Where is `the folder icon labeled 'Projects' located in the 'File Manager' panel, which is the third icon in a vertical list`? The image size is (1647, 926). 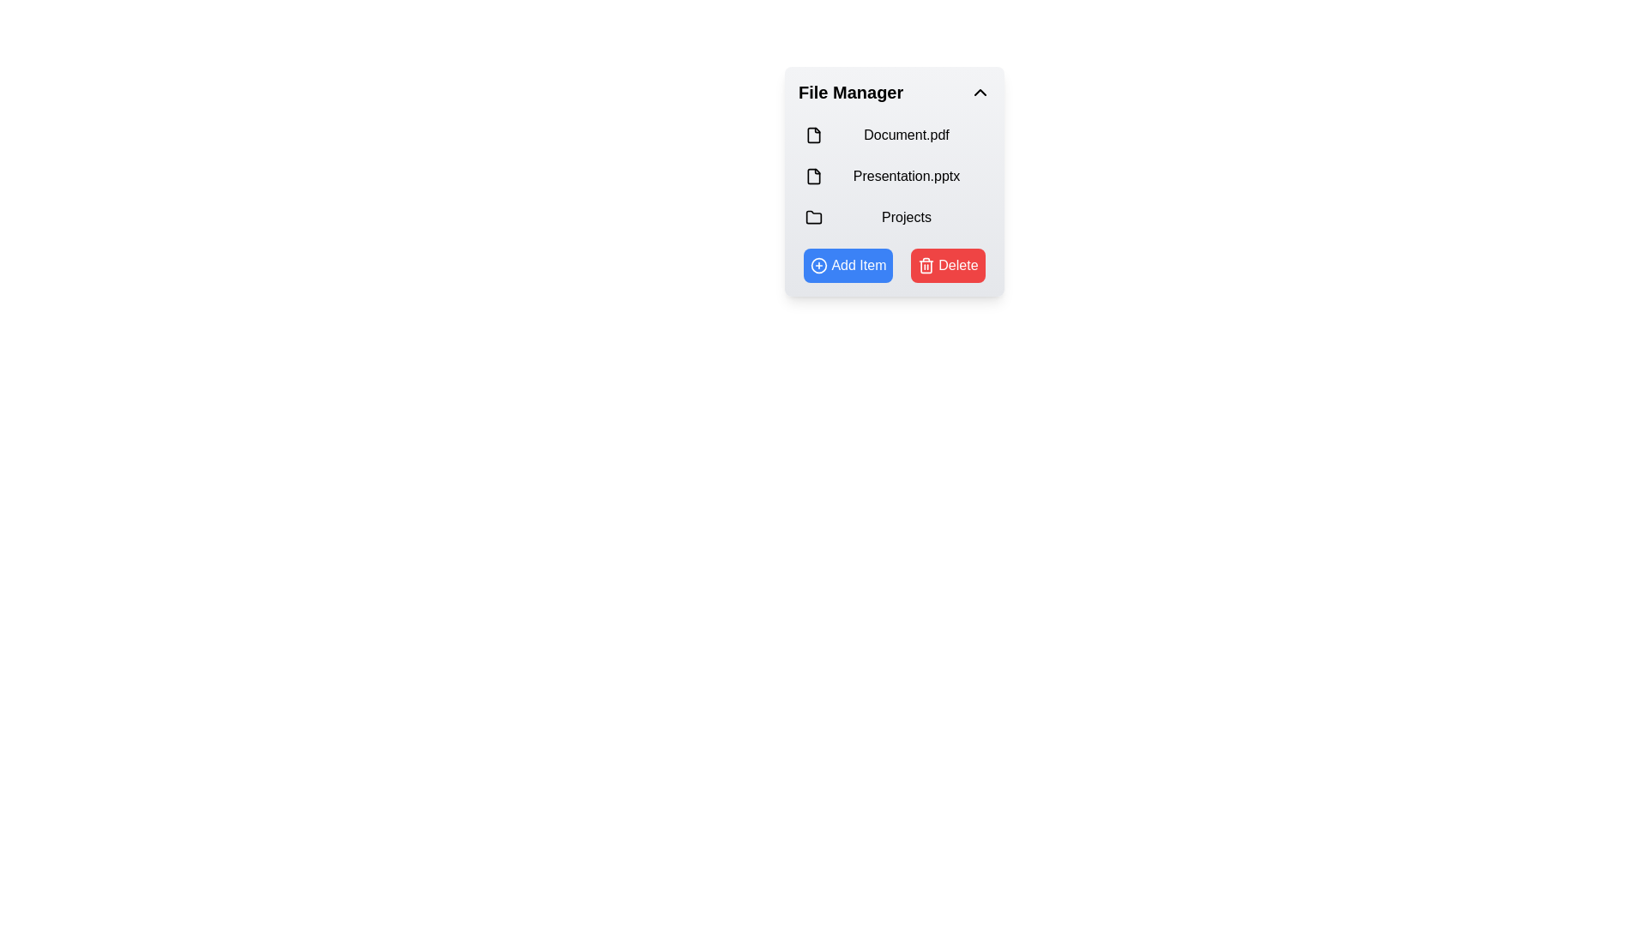 the folder icon labeled 'Projects' located in the 'File Manager' panel, which is the third icon in a vertical list is located at coordinates (813, 216).